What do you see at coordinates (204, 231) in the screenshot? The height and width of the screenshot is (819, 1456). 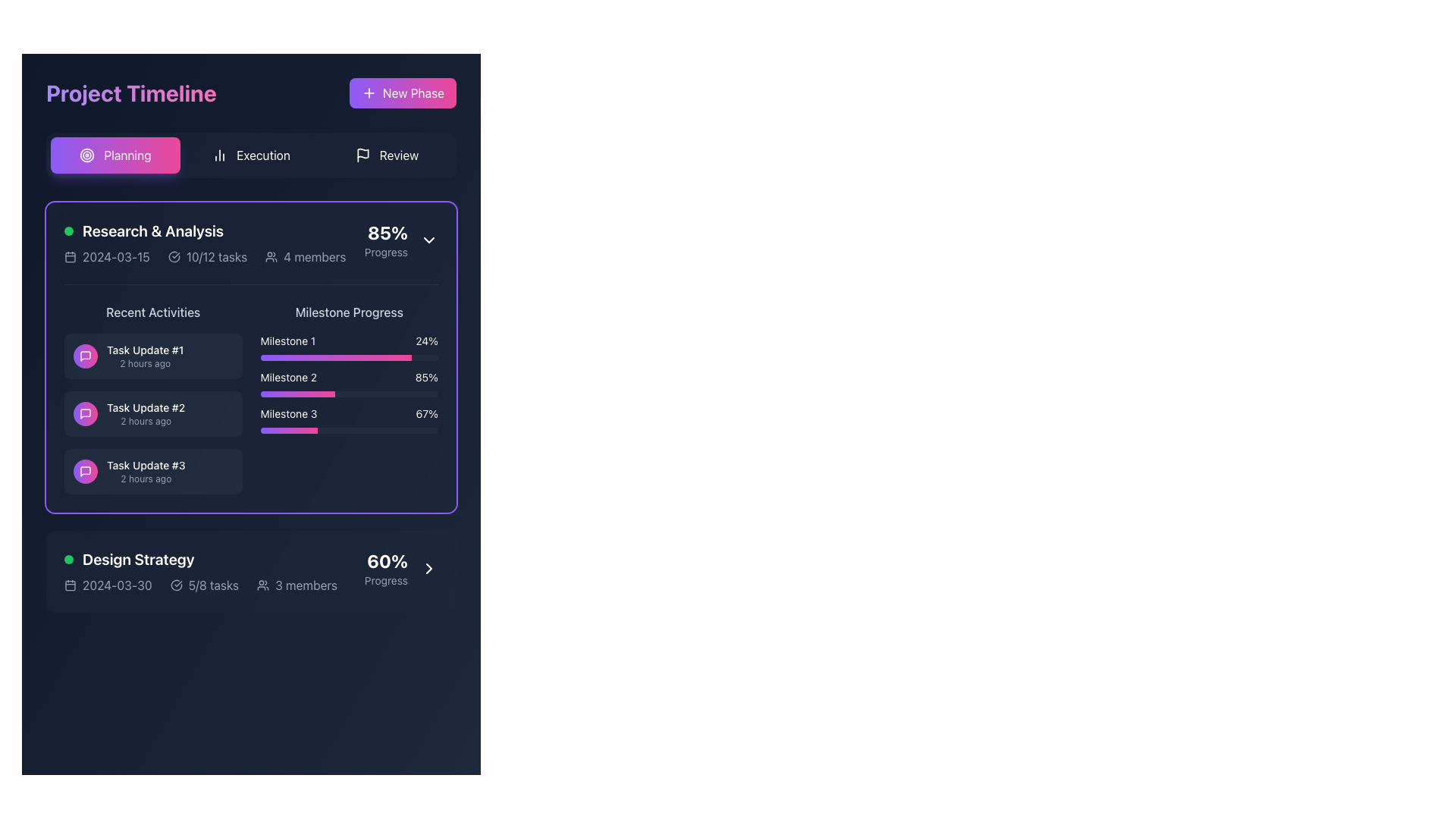 I see `the 'Research & Analysis' label, which is a rectangular label containing white text on a dark blue background` at bounding box center [204, 231].